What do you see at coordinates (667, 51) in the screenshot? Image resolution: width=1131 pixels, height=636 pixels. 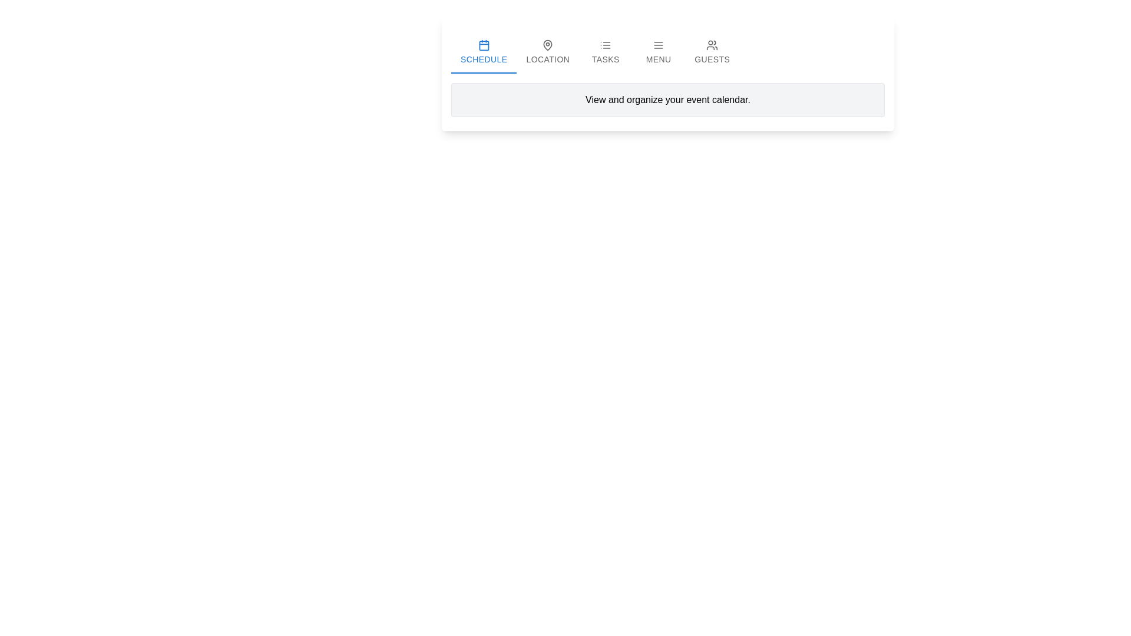 I see `the navigation bar tabs` at bounding box center [667, 51].